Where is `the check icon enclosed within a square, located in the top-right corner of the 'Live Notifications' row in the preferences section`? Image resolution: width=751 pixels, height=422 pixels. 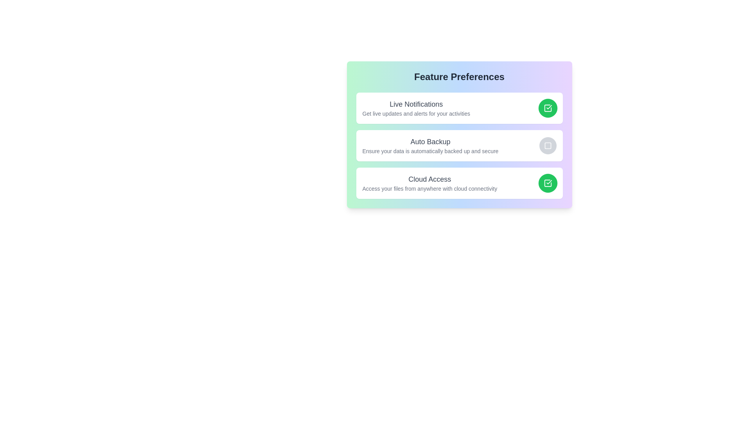
the check icon enclosed within a square, located in the top-right corner of the 'Live Notifications' row in the preferences section is located at coordinates (547, 108).